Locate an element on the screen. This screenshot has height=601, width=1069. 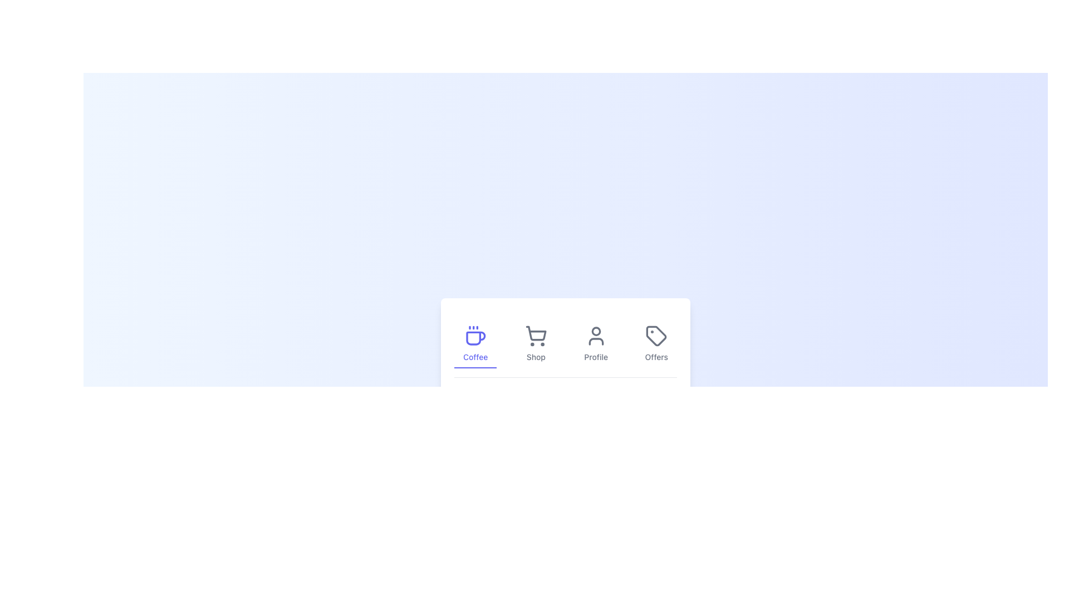
the tag-shaped icon with a small circle, located above the 'Offers' text label in the lower navigation bar is located at coordinates (656, 335).